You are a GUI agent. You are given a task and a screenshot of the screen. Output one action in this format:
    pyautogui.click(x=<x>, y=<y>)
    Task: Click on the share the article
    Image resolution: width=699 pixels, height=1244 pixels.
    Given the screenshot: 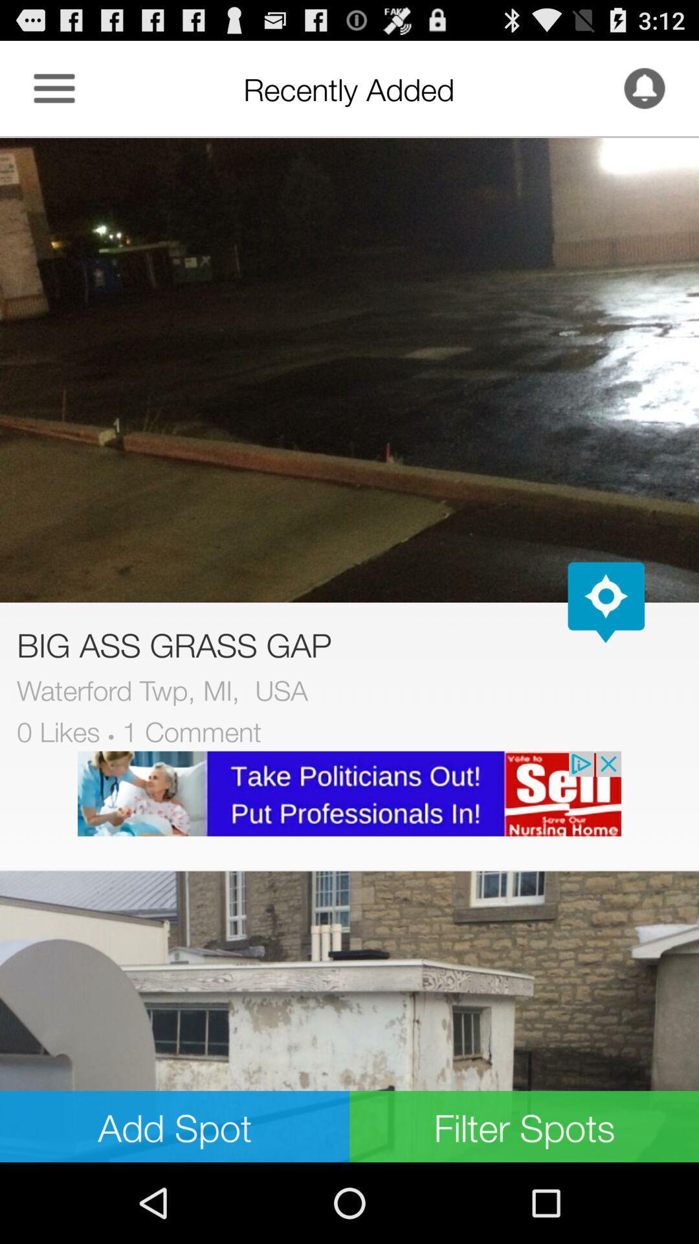 What is the action you would take?
    pyautogui.click(x=349, y=1016)
    